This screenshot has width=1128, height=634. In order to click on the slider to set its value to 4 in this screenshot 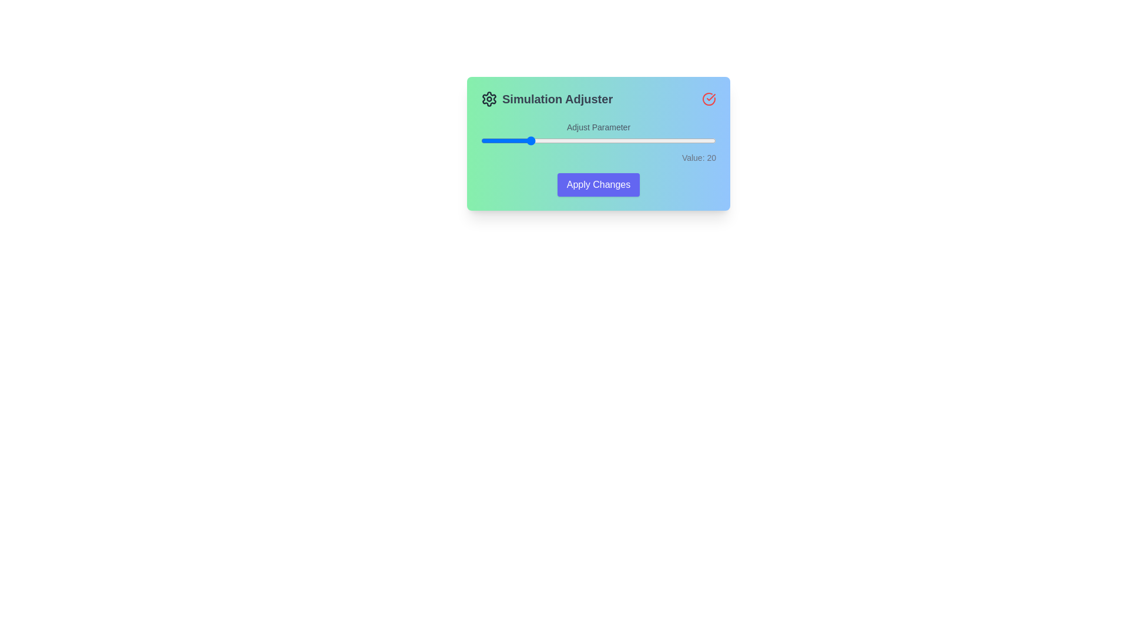, I will do `click(491, 140)`.